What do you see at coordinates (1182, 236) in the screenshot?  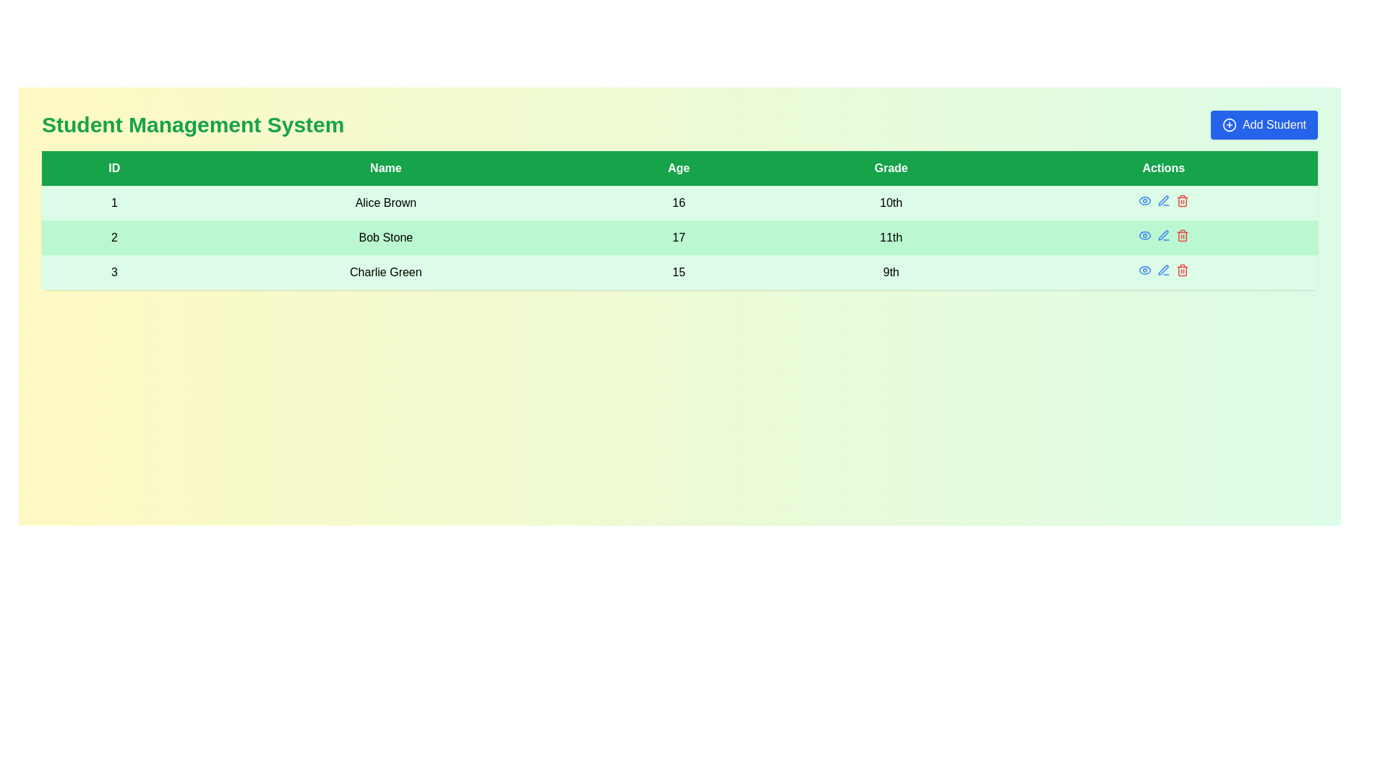 I see `the central part of the trash bin icon associated with the delete action for the entity 'Bob Stone' in the 'Actions' column of the table` at bounding box center [1182, 236].